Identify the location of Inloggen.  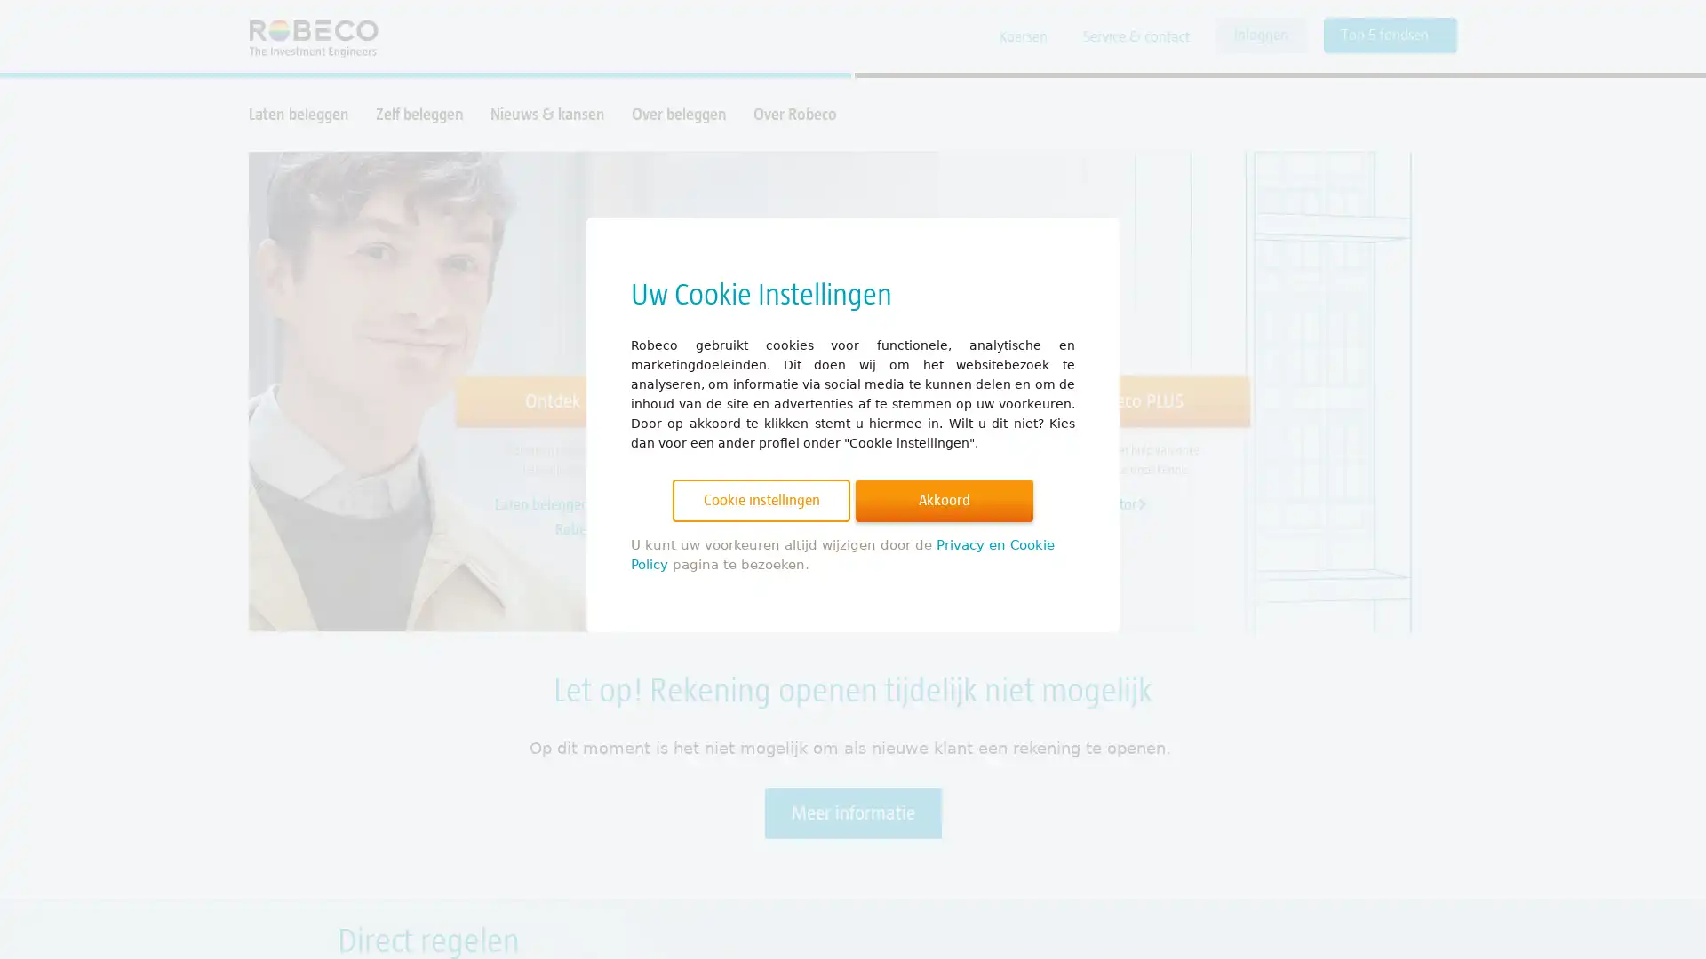
(1260, 35).